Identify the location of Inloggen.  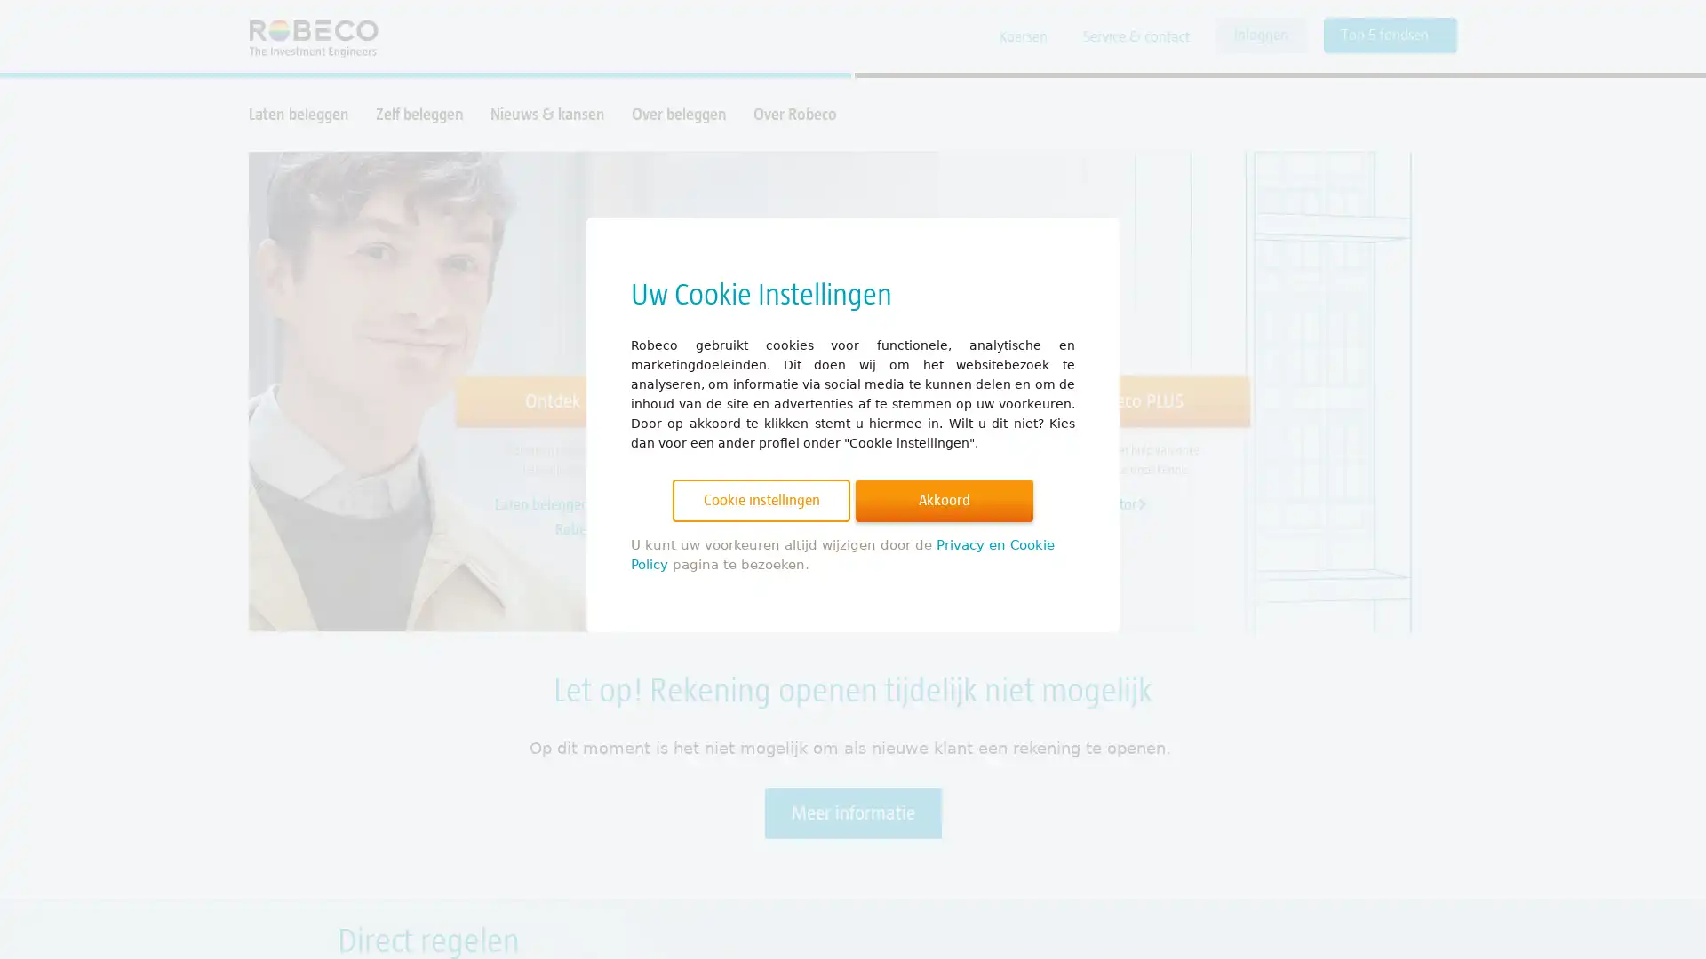
(1260, 35).